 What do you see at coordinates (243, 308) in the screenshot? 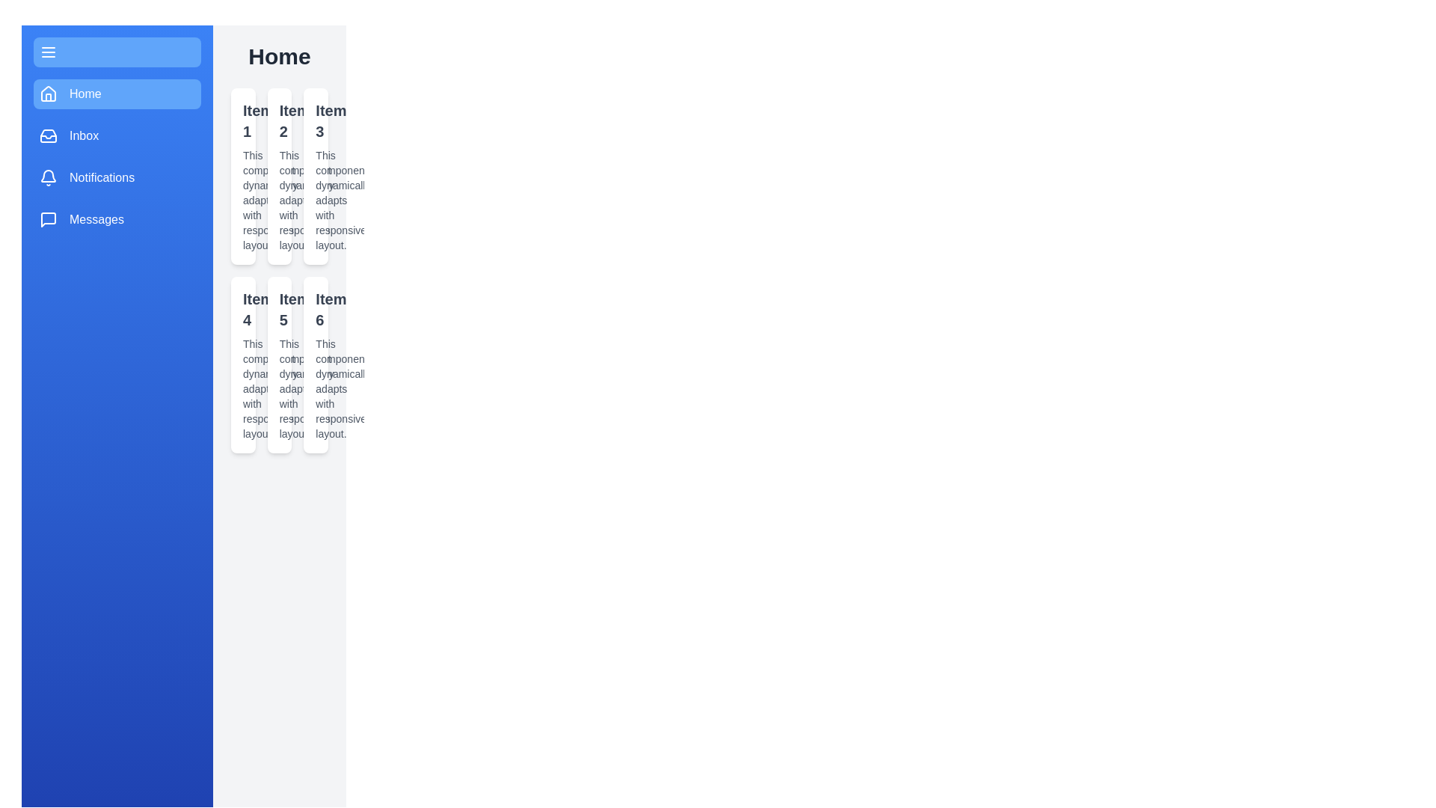
I see `the text label titled 'Item 4' located at the top of the card component in the second row and first column of the grid arrangement` at bounding box center [243, 308].